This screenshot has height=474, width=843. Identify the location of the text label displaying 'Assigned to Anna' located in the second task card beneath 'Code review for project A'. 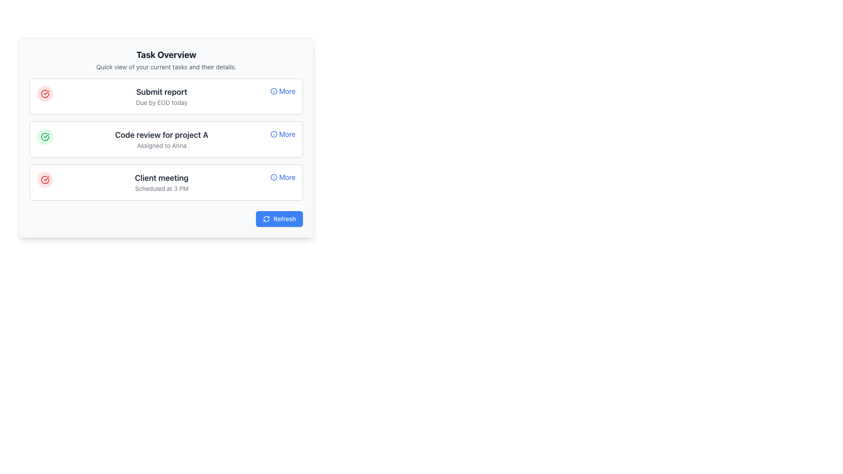
(162, 145).